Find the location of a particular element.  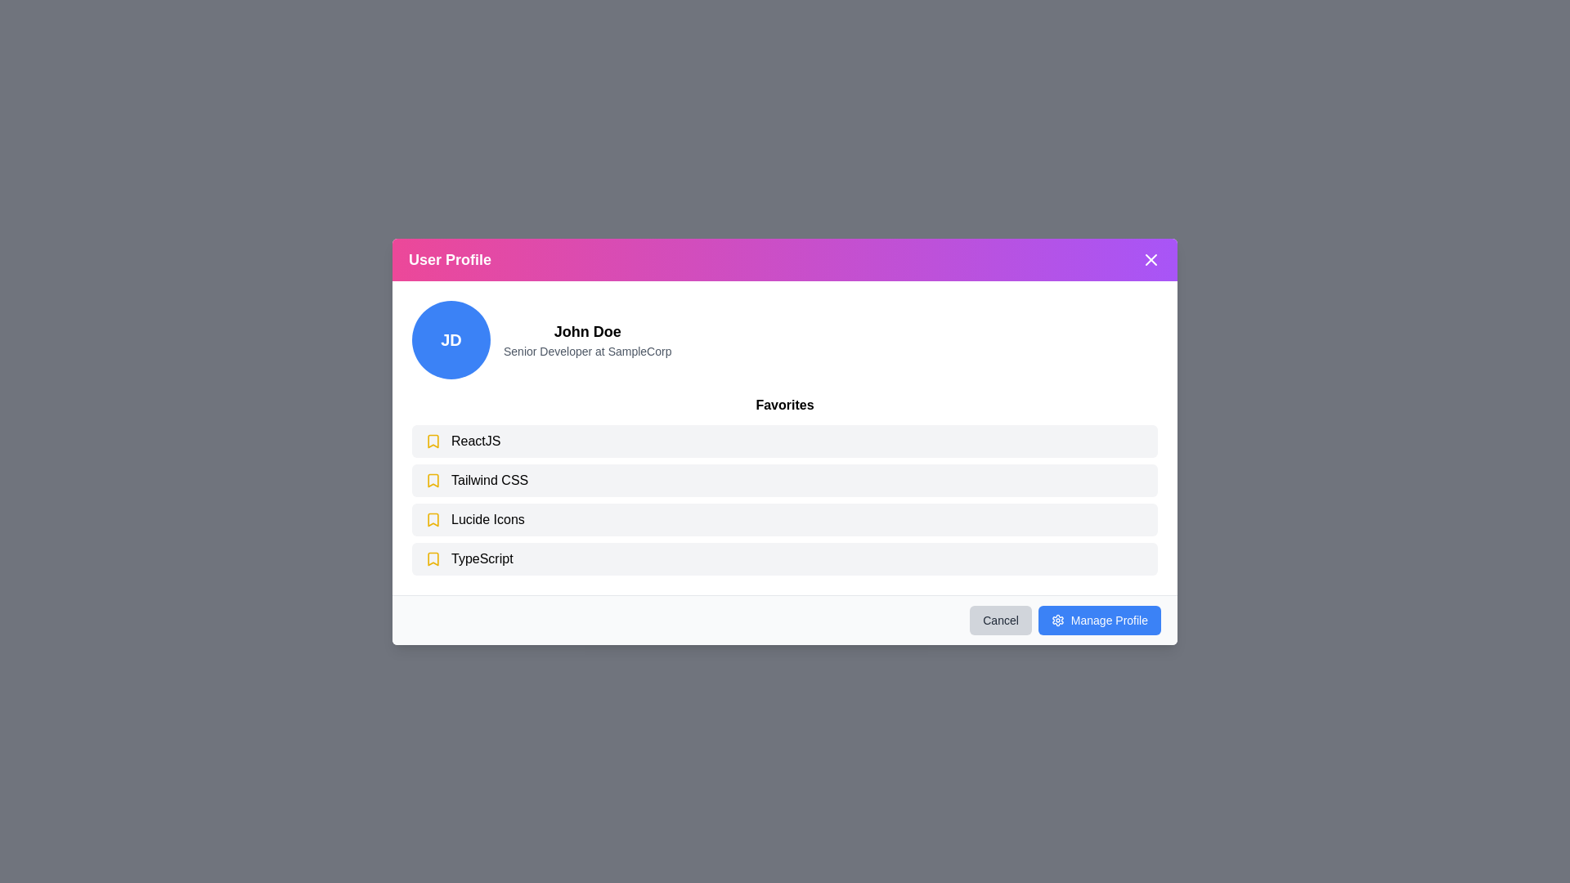

the small cogwheel icon associated with settings, which is located to the left of the 'Manage Profile' text within the interactive button at the bottom center of the modal window is located at coordinates (1057, 620).